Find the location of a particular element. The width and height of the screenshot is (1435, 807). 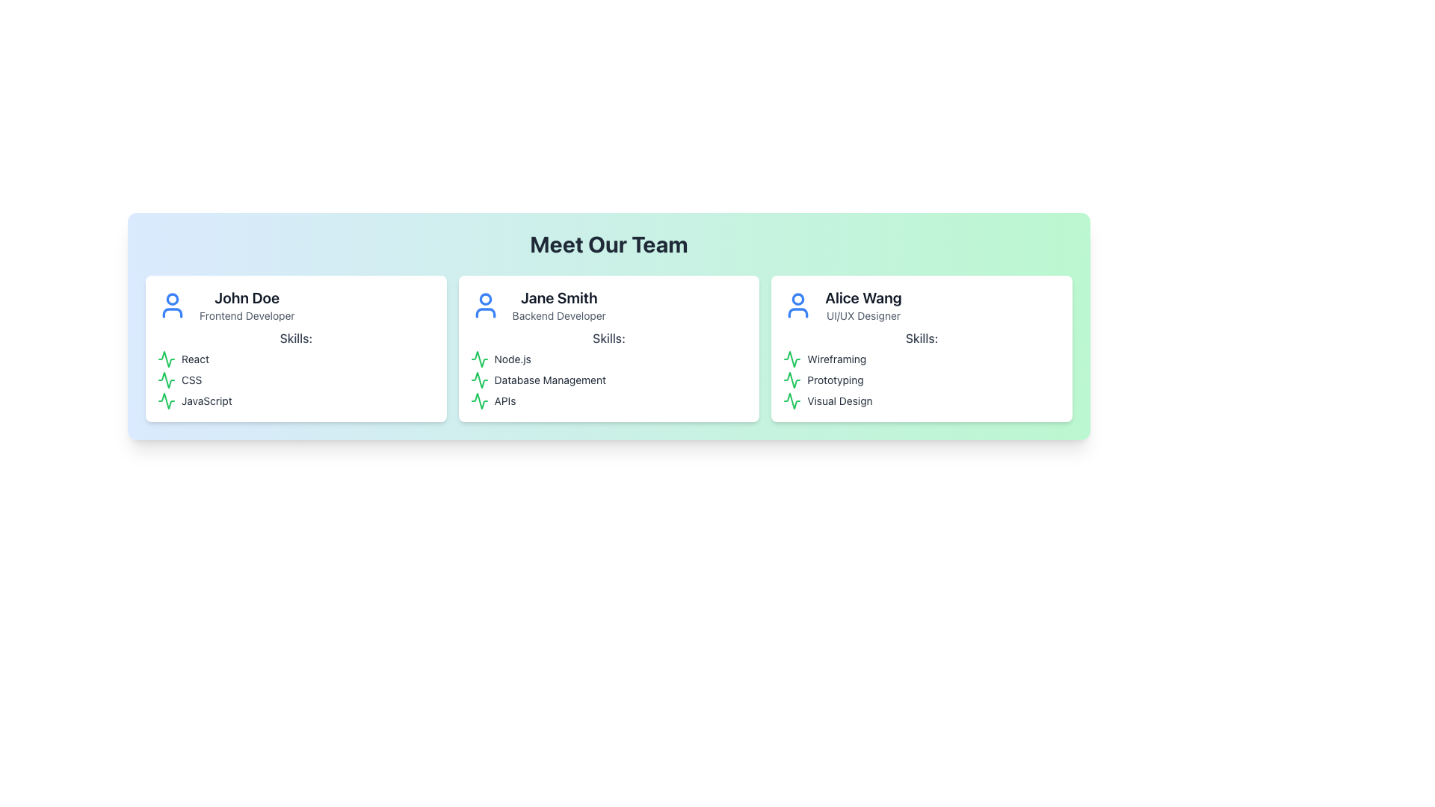

the skill icon in John Doe's profile card, which visually represents a specific skill under the 'Skills' section is located at coordinates (166, 359).